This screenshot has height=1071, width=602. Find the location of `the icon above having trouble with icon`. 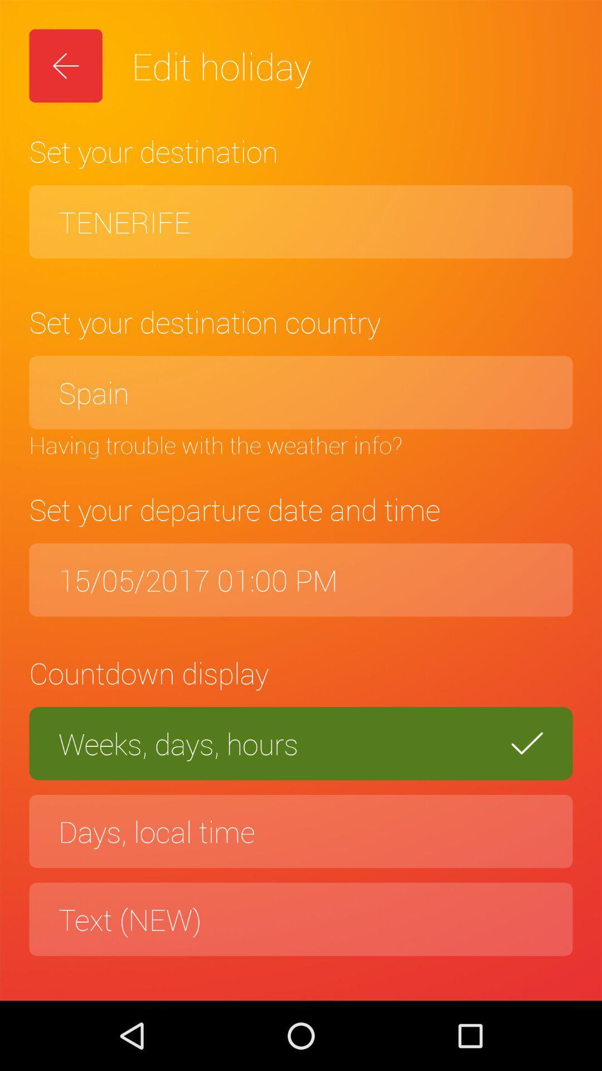

the icon above having trouble with icon is located at coordinates (301, 392).